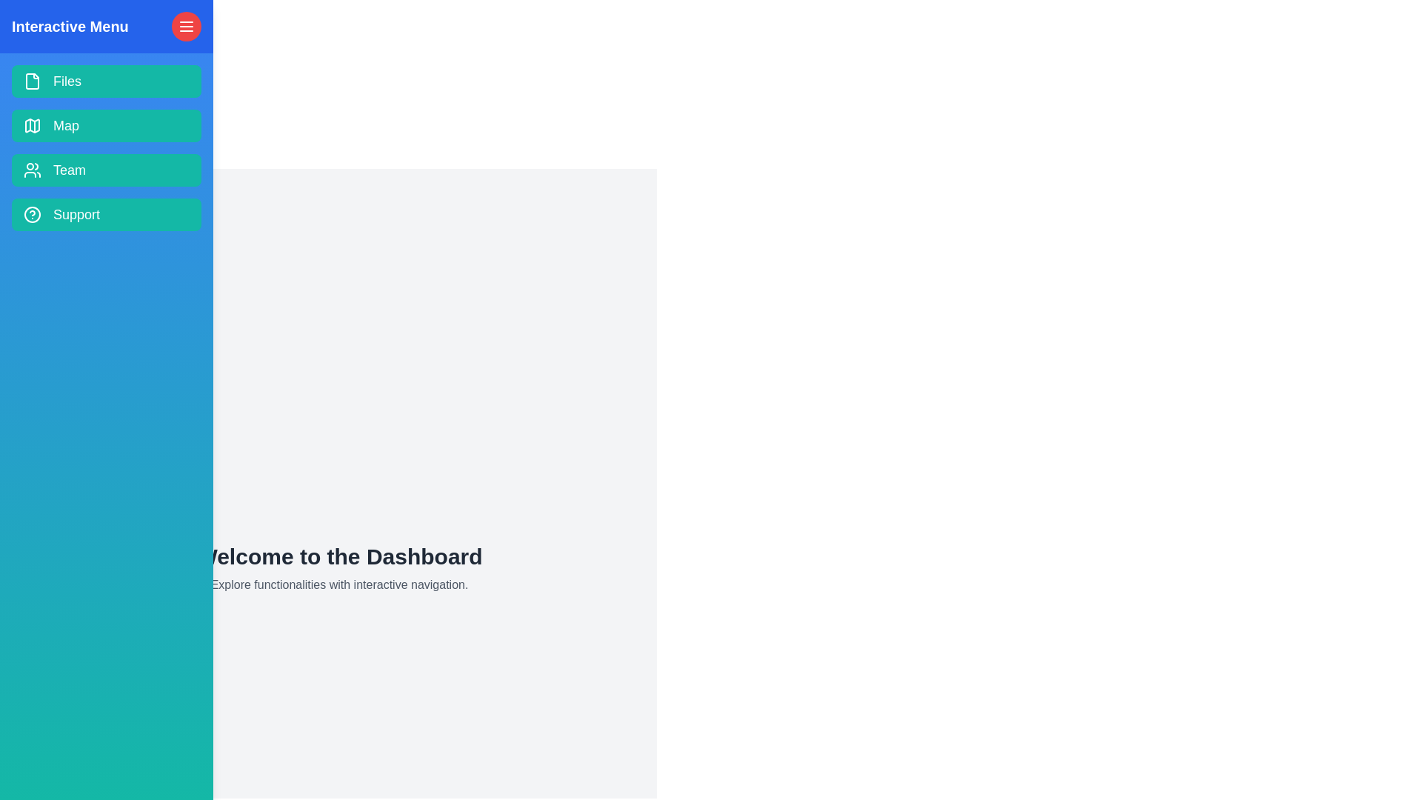 The image size is (1422, 800). Describe the element at coordinates (186, 26) in the screenshot. I see `the close button in the top-right corner of the drawer menu to toggle its visibility` at that location.